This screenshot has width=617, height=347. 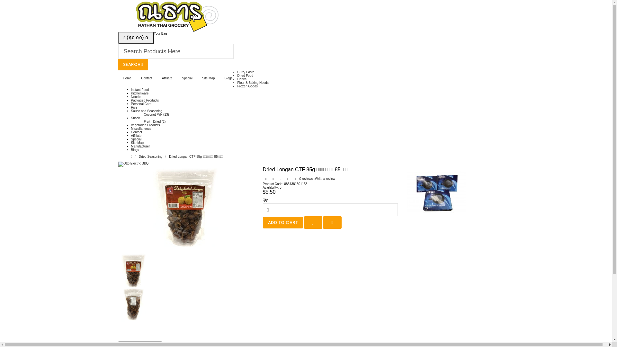 I want to click on 'Curry Paste', so click(x=237, y=72).